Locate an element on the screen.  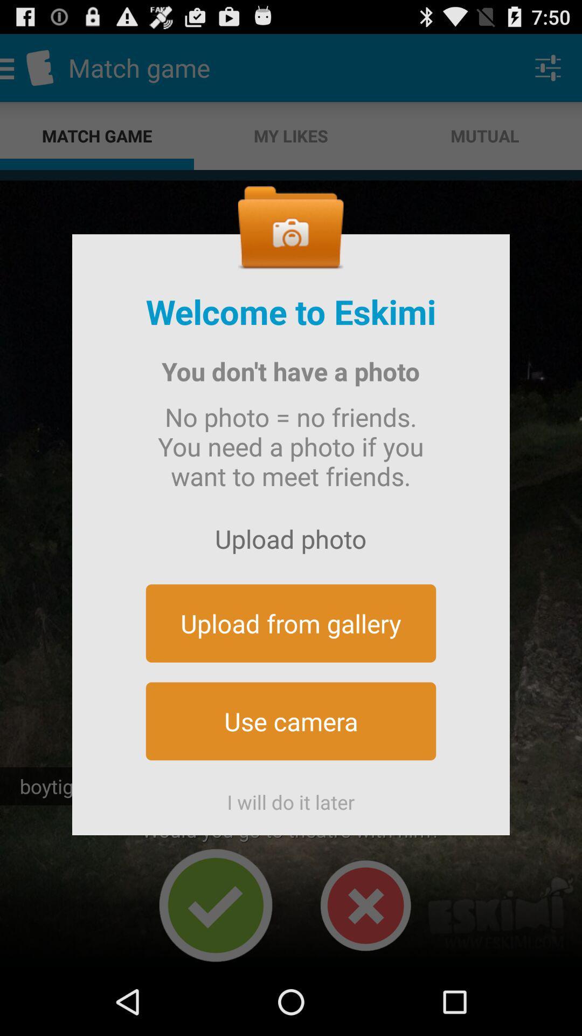
upload from gallery icon is located at coordinates (291, 623).